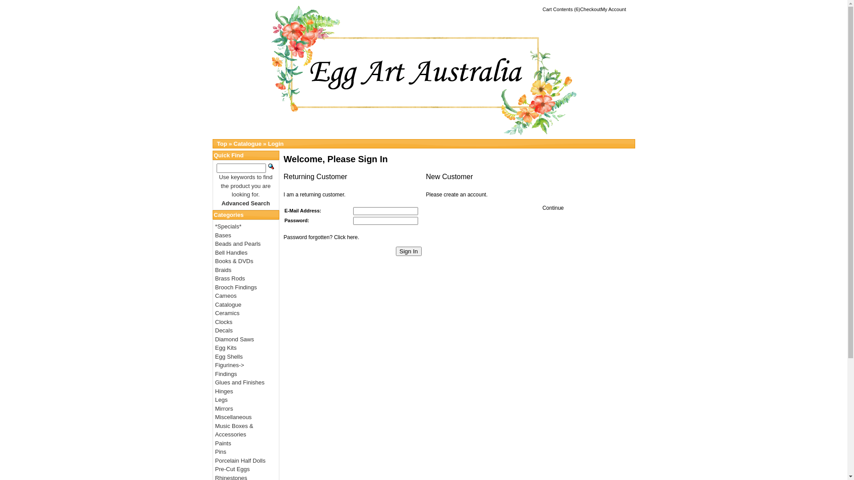  Describe the element at coordinates (224, 321) in the screenshot. I see `'Clocks'` at that location.